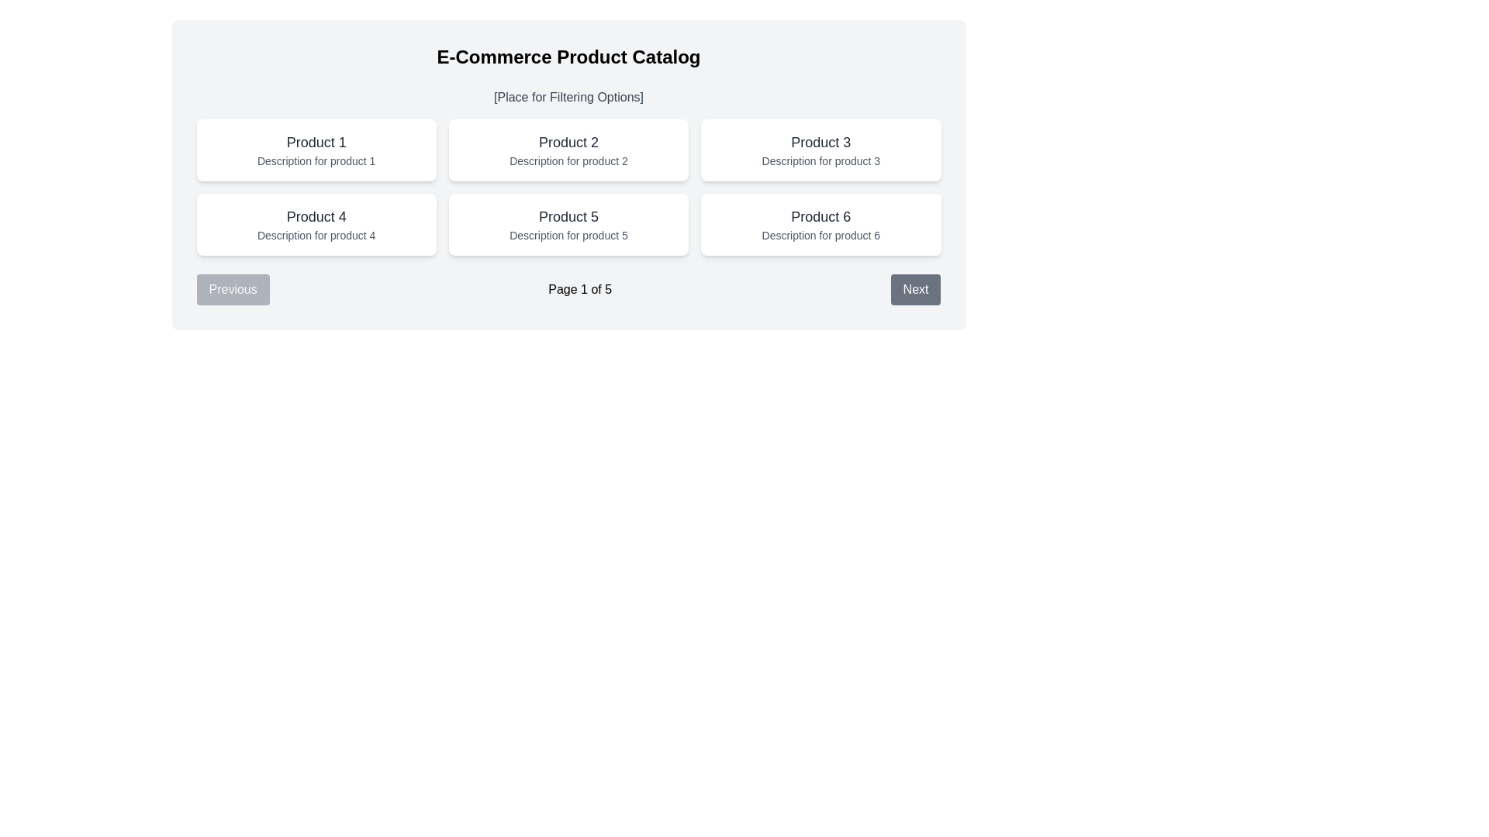  Describe the element at coordinates (568, 98) in the screenshot. I see `the text label '[Place for Filtering Options]' located below the header 'E-Commerce Product Catalog' and above the product grid` at that location.